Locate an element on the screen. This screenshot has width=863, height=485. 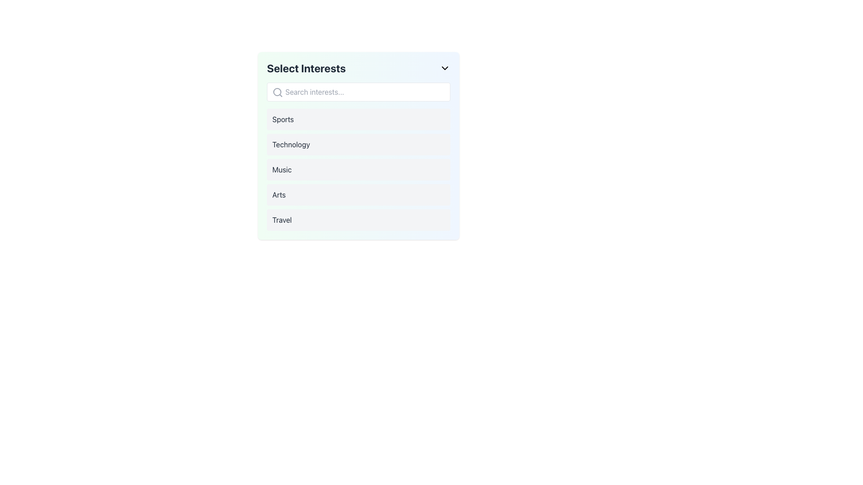
to select the 'Travel' list item, which is the fifth entry in a vertical list of selectable items including 'Sports,' 'Technology,' 'Music,' and 'Arts.' is located at coordinates (358, 220).